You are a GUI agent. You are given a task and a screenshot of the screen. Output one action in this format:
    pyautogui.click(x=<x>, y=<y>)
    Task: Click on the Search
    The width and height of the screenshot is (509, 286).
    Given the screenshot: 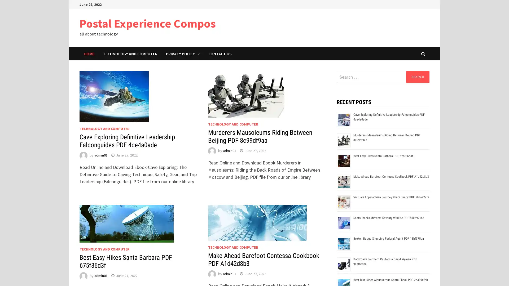 What is the action you would take?
    pyautogui.click(x=417, y=77)
    